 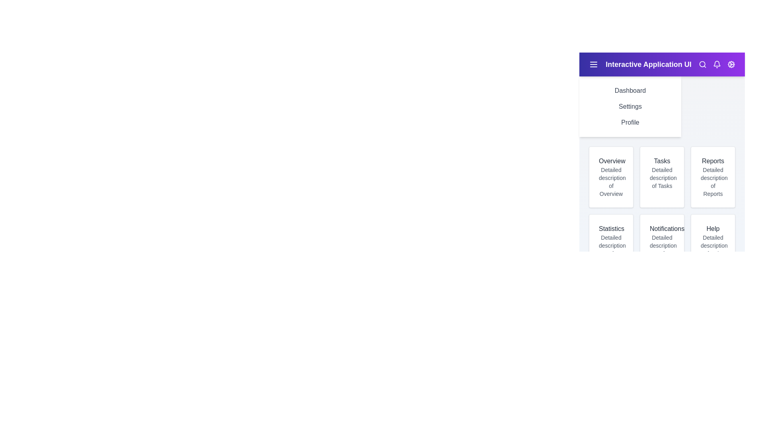 What do you see at coordinates (630, 106) in the screenshot?
I see `the sidebar menu item Settings` at bounding box center [630, 106].